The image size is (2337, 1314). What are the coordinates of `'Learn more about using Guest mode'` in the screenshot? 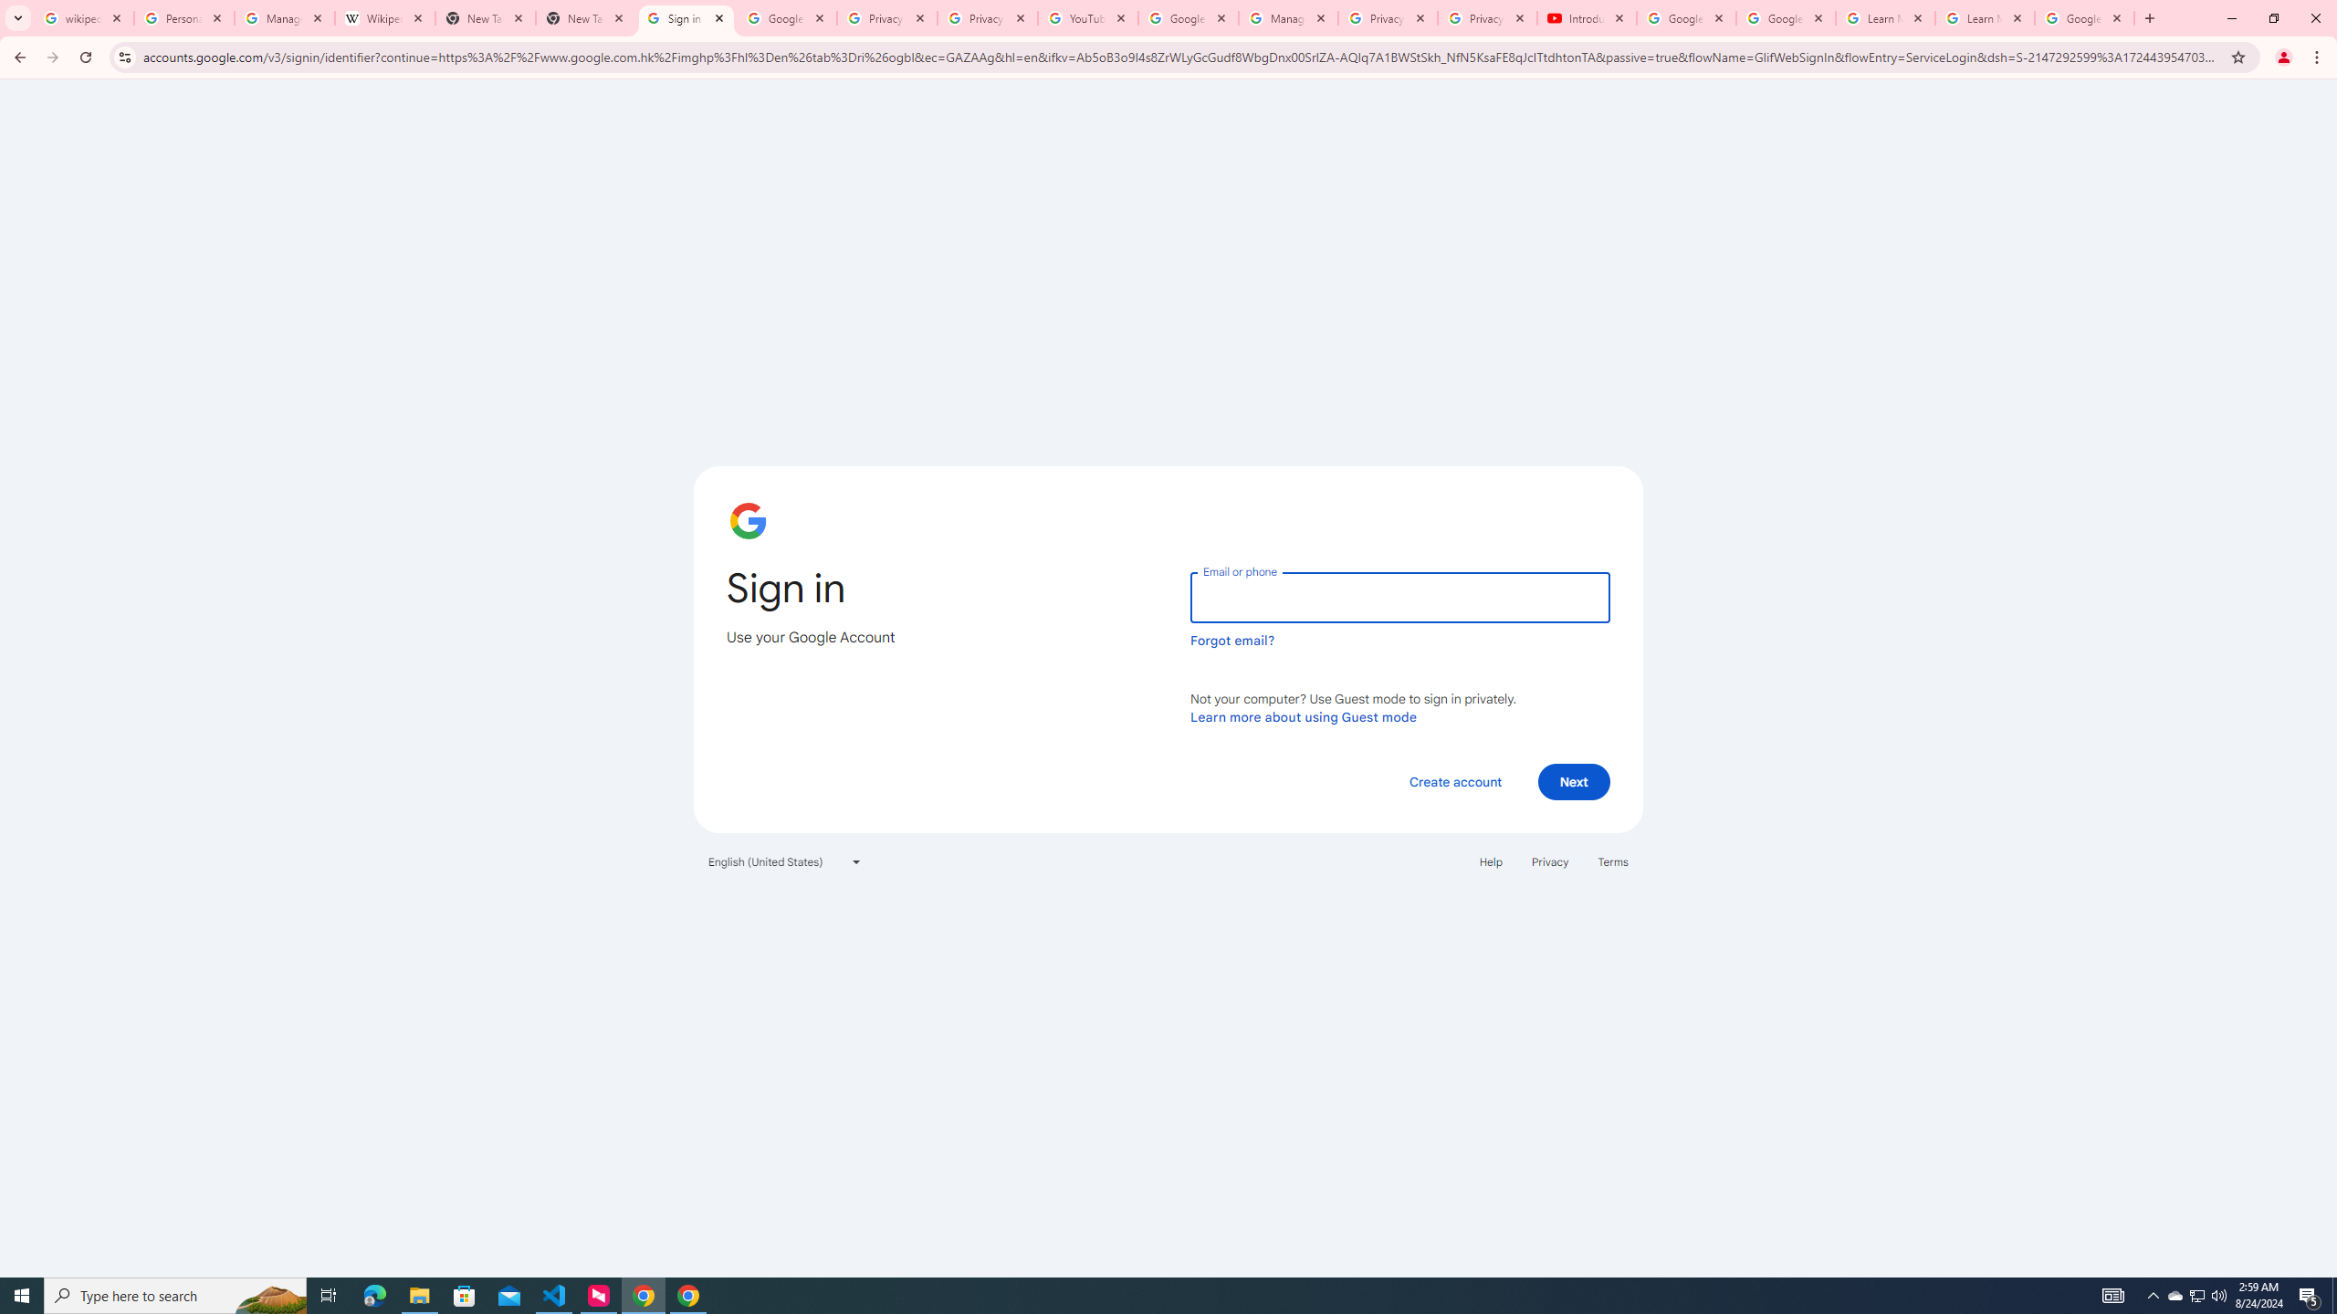 It's located at (1303, 716).